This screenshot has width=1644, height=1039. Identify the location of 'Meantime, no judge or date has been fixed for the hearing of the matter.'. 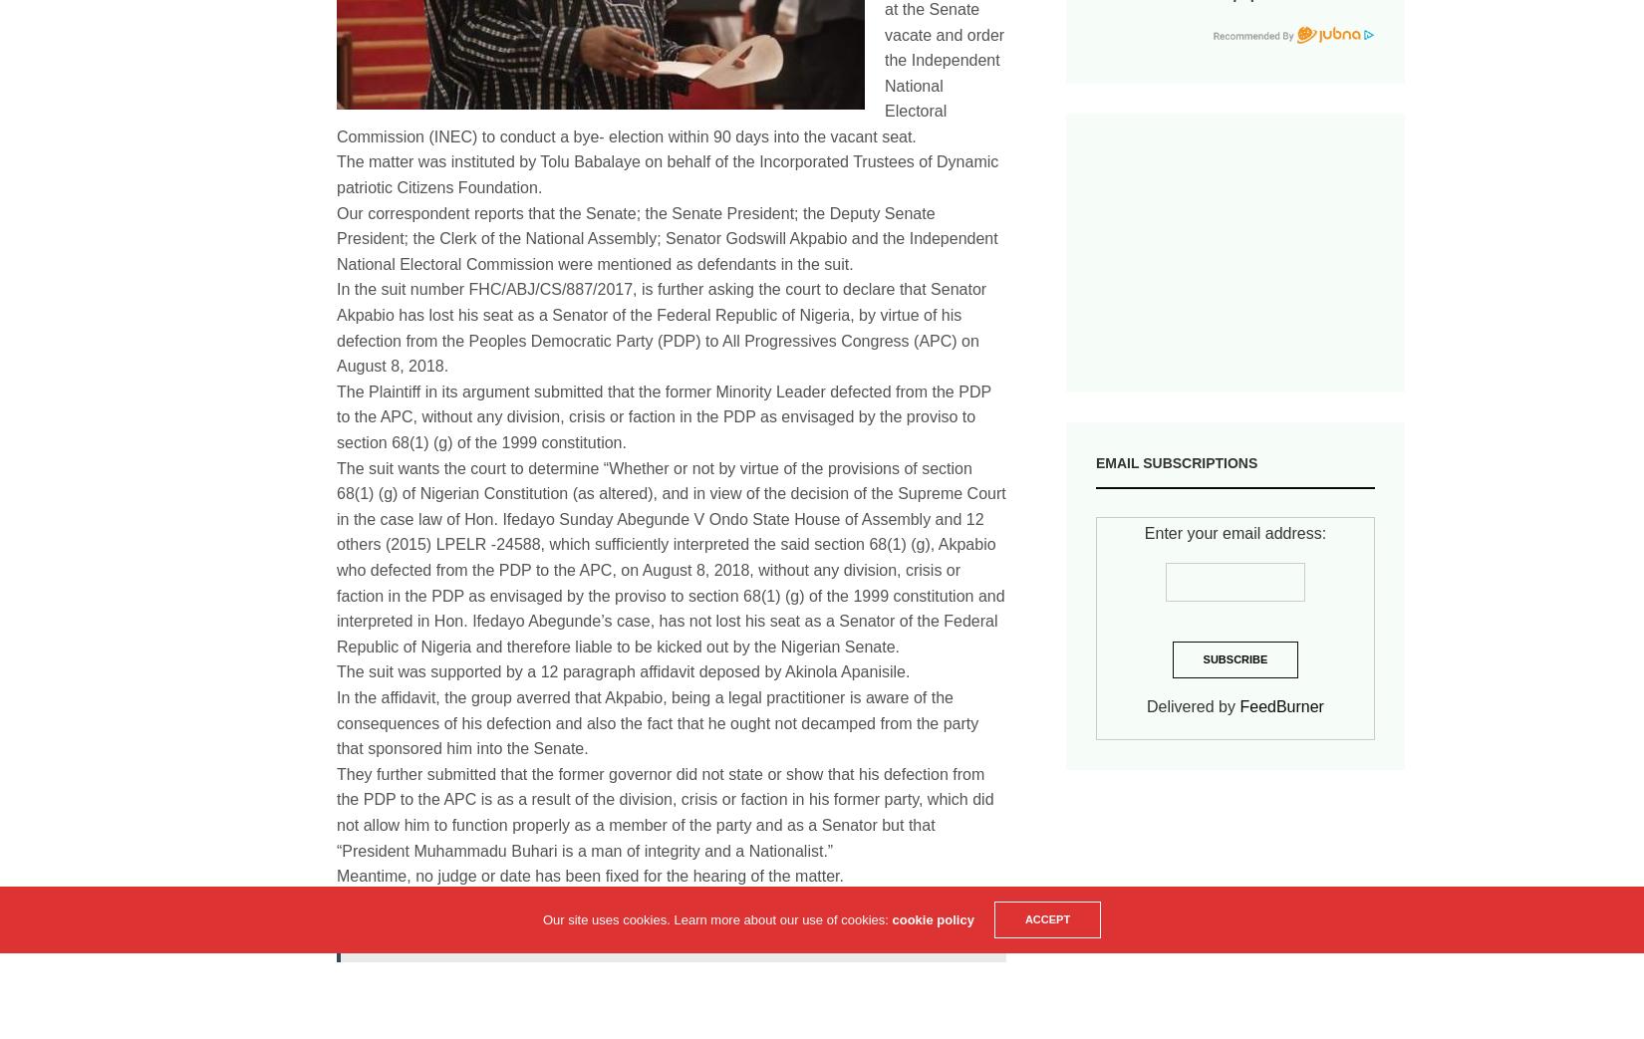
(589, 876).